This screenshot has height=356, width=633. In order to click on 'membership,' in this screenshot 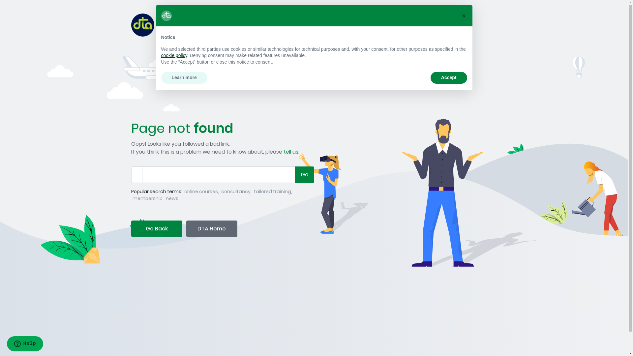, I will do `click(148, 198)`.